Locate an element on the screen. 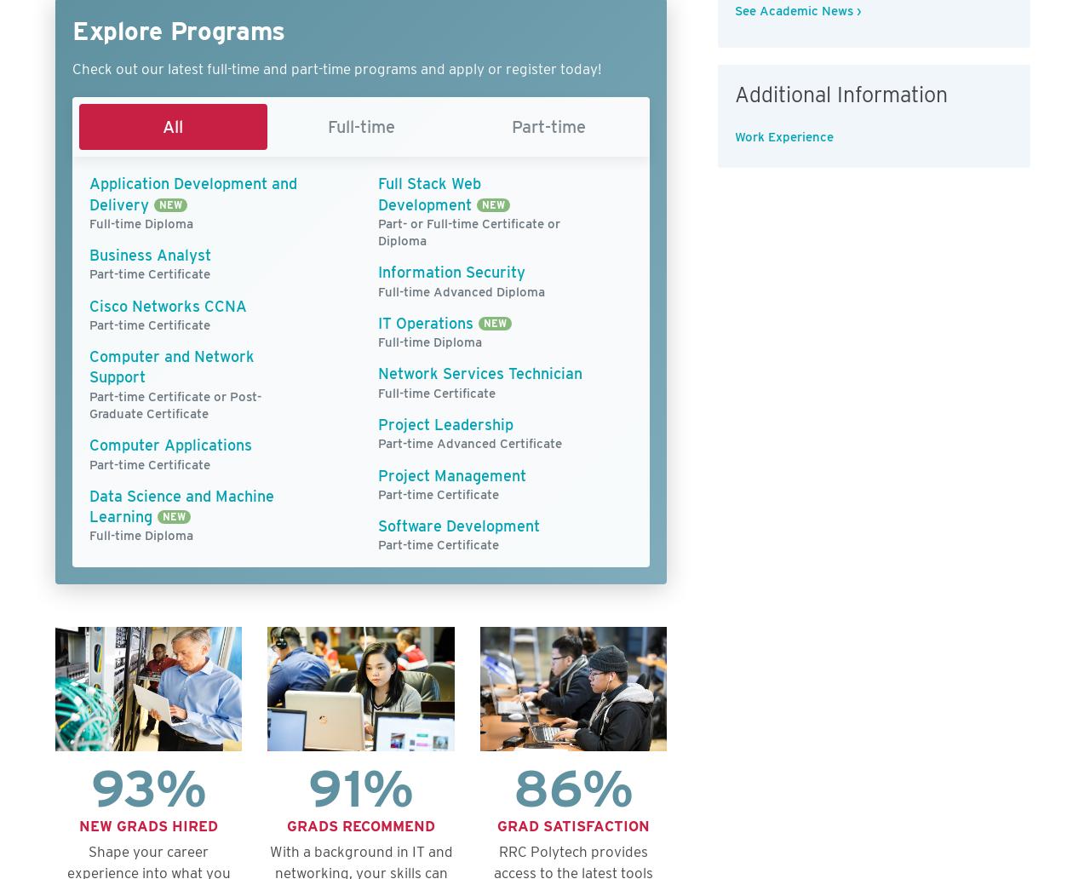  '86%' is located at coordinates (573, 786).